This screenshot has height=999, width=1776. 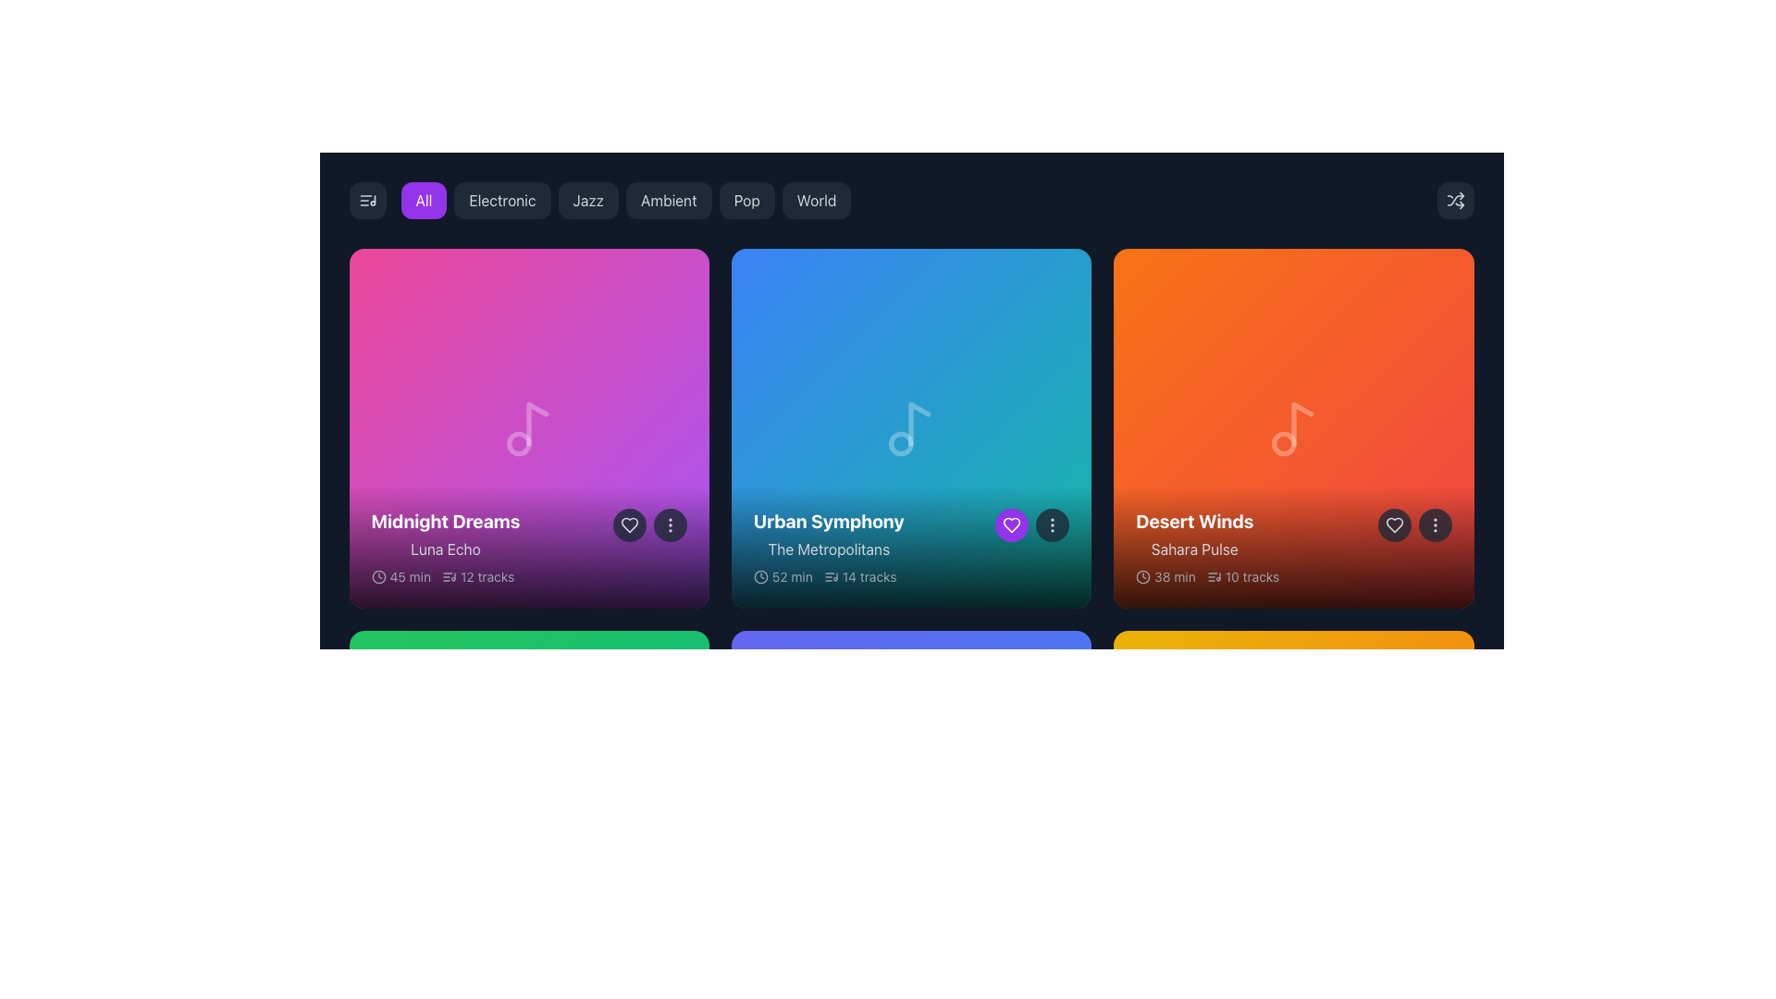 I want to click on the heart-shaped icon button with a circular shape located in the bottom-right corner of the 'Desert Winds' card, so click(x=1394, y=525).